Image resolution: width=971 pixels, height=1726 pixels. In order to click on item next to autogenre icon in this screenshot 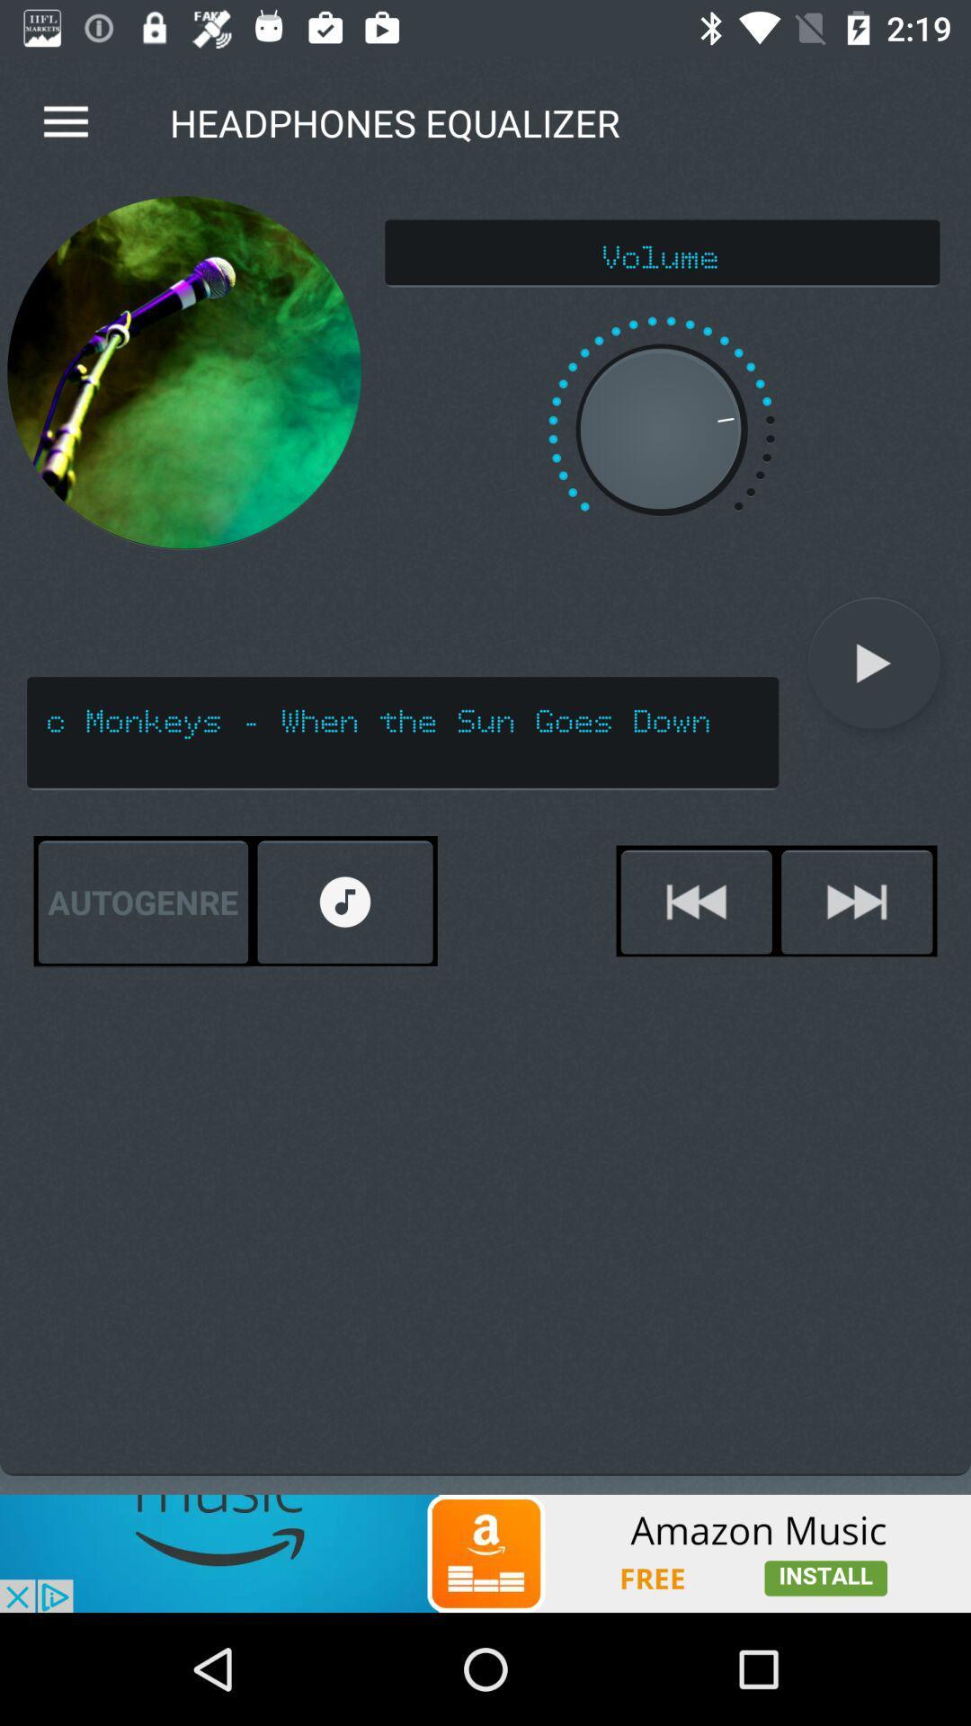, I will do `click(345, 902)`.